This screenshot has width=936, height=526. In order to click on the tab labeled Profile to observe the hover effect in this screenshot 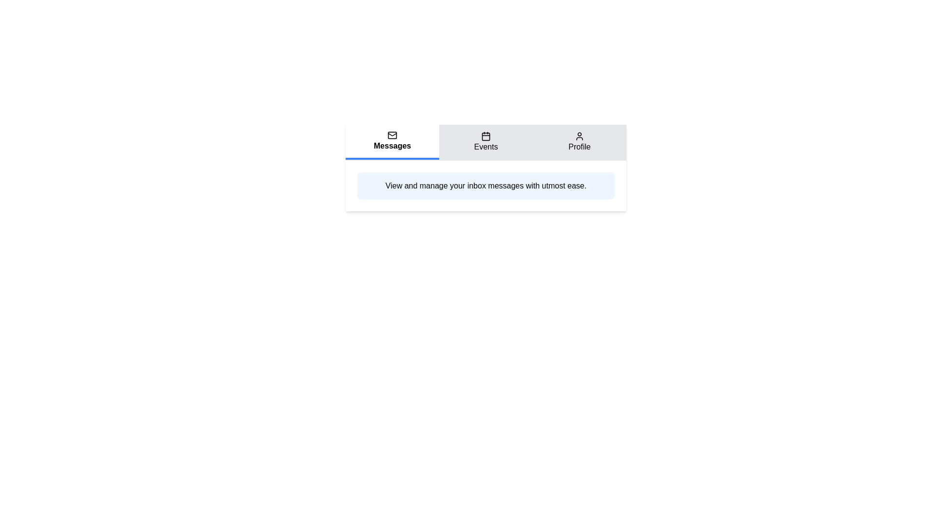, I will do `click(580, 142)`.